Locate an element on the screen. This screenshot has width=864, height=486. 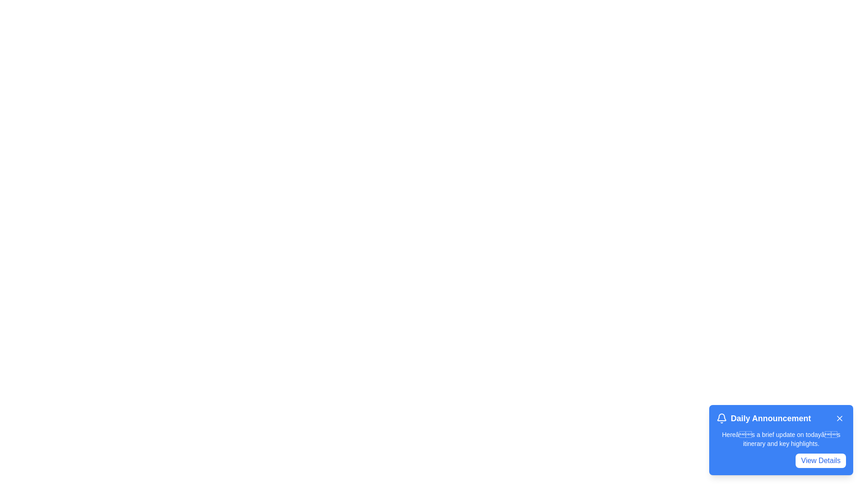
the close button to dismiss the snackbar is located at coordinates (839, 418).